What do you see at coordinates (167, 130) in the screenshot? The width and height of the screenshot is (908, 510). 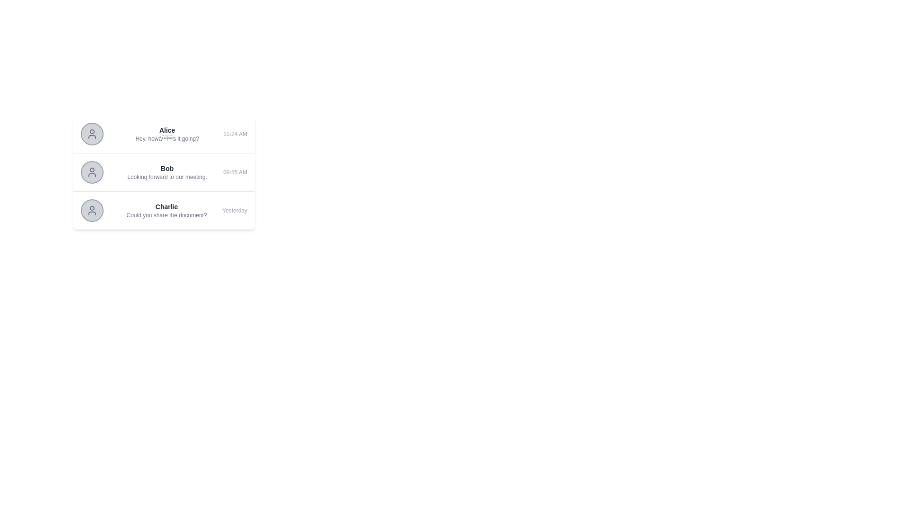 I see `the text label displaying 'Alice' in bold dark gray font located at the top left section of the chat interface` at bounding box center [167, 130].